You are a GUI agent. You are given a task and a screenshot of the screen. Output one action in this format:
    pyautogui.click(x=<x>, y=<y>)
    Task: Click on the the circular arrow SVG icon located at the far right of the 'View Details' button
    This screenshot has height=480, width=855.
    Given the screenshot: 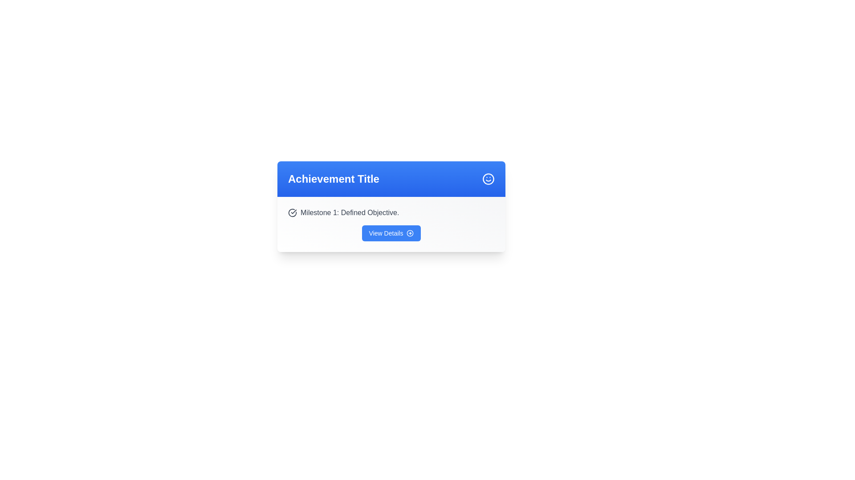 What is the action you would take?
    pyautogui.click(x=410, y=232)
    